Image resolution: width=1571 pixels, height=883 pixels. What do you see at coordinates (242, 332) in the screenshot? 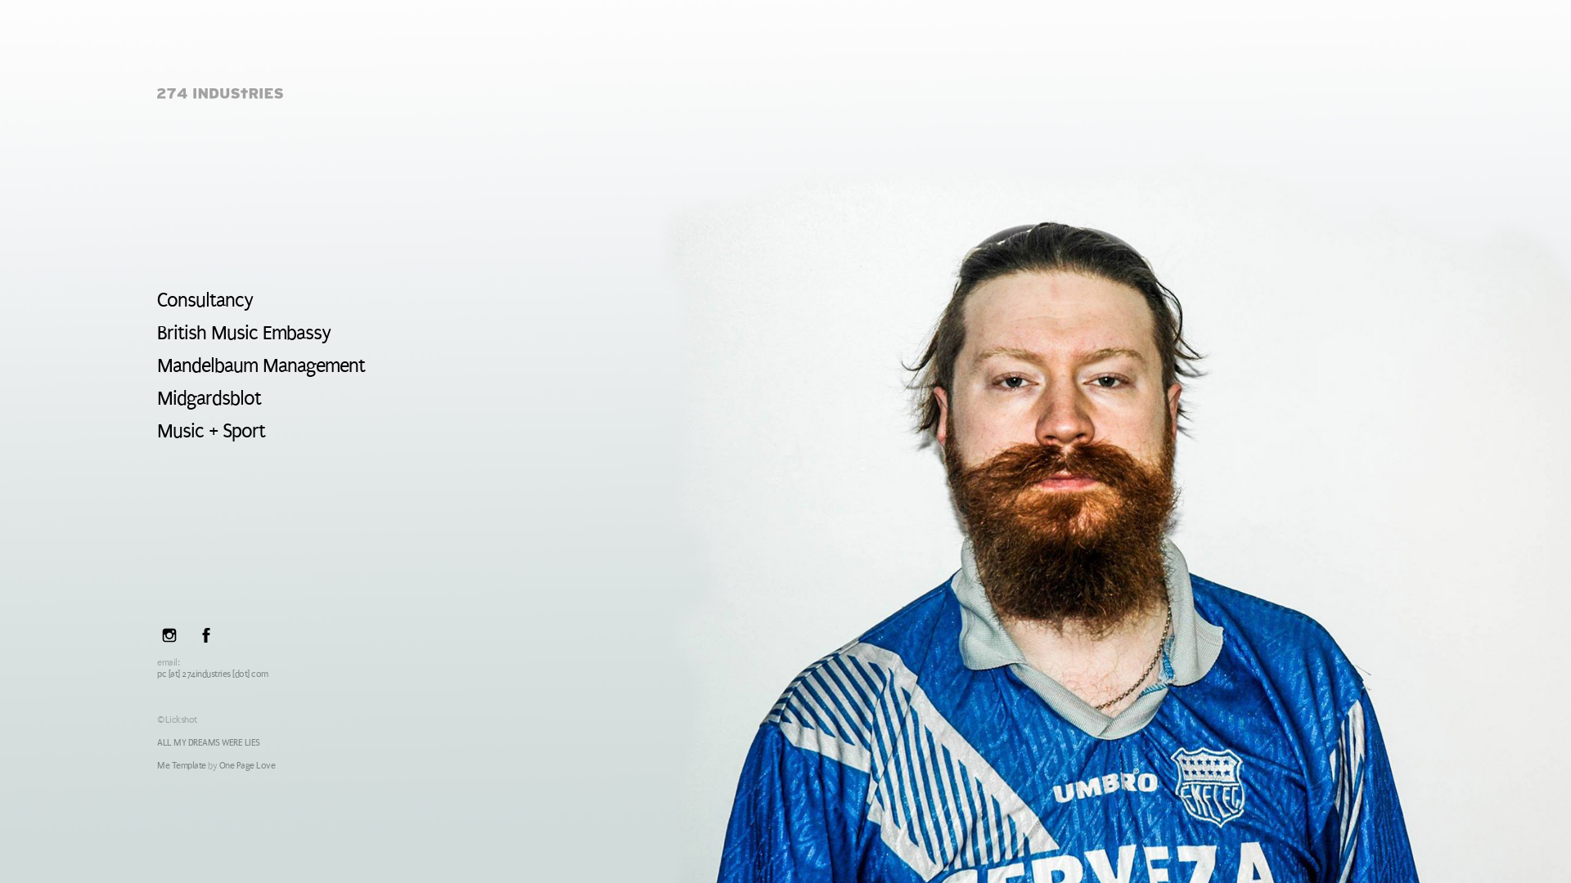
I see `'British Music Embassy'` at bounding box center [242, 332].